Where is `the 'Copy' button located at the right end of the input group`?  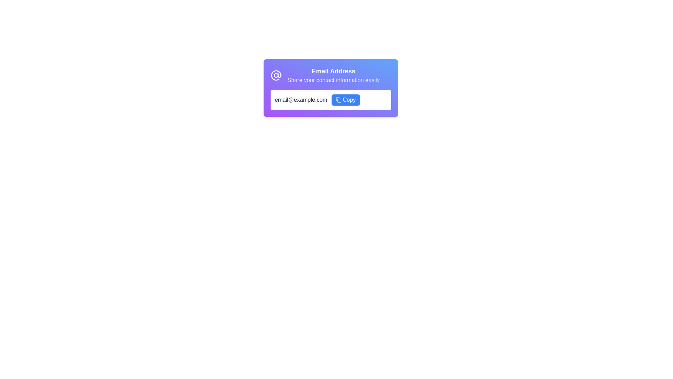 the 'Copy' button located at the right end of the input group is located at coordinates (349, 100).